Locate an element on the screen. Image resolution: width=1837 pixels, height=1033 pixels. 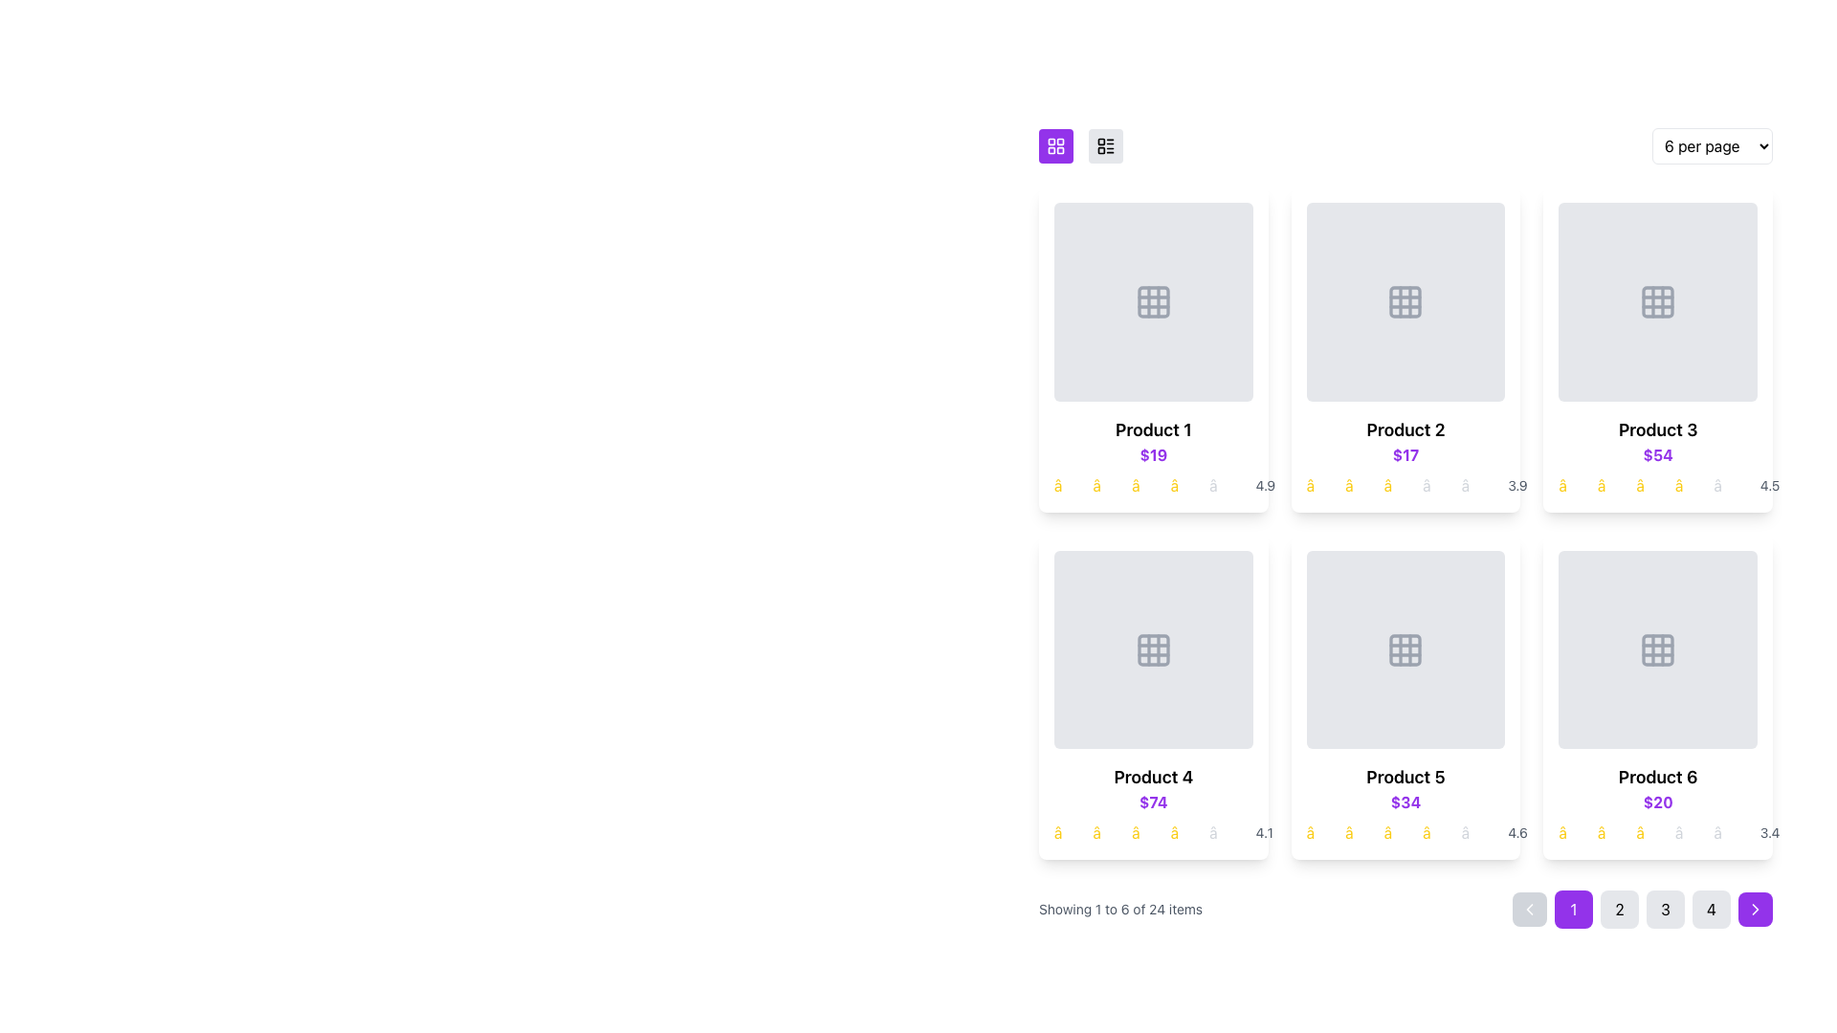
the second yellow star glyph in the five-star rating system under Product 6's card, which is located in the bottom-right corner of the grid layout is located at coordinates (1616, 832).